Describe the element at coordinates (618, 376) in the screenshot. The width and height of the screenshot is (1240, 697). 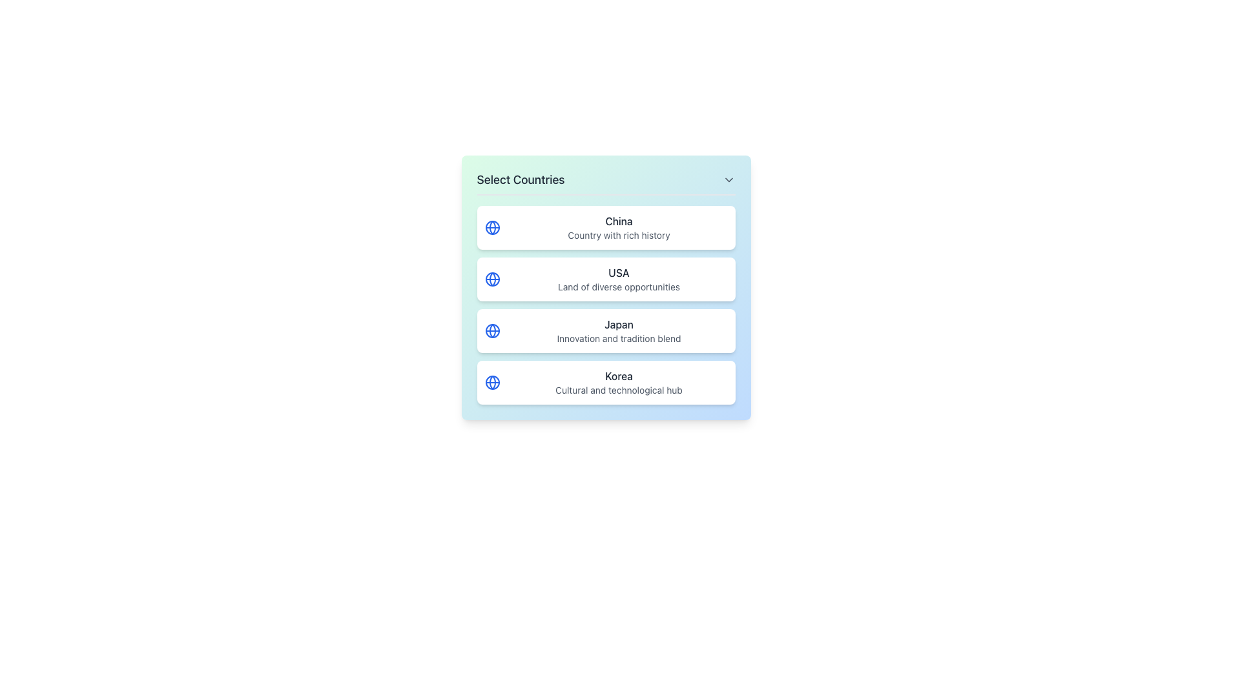
I see `the text label in the fourth row of the list` at that location.